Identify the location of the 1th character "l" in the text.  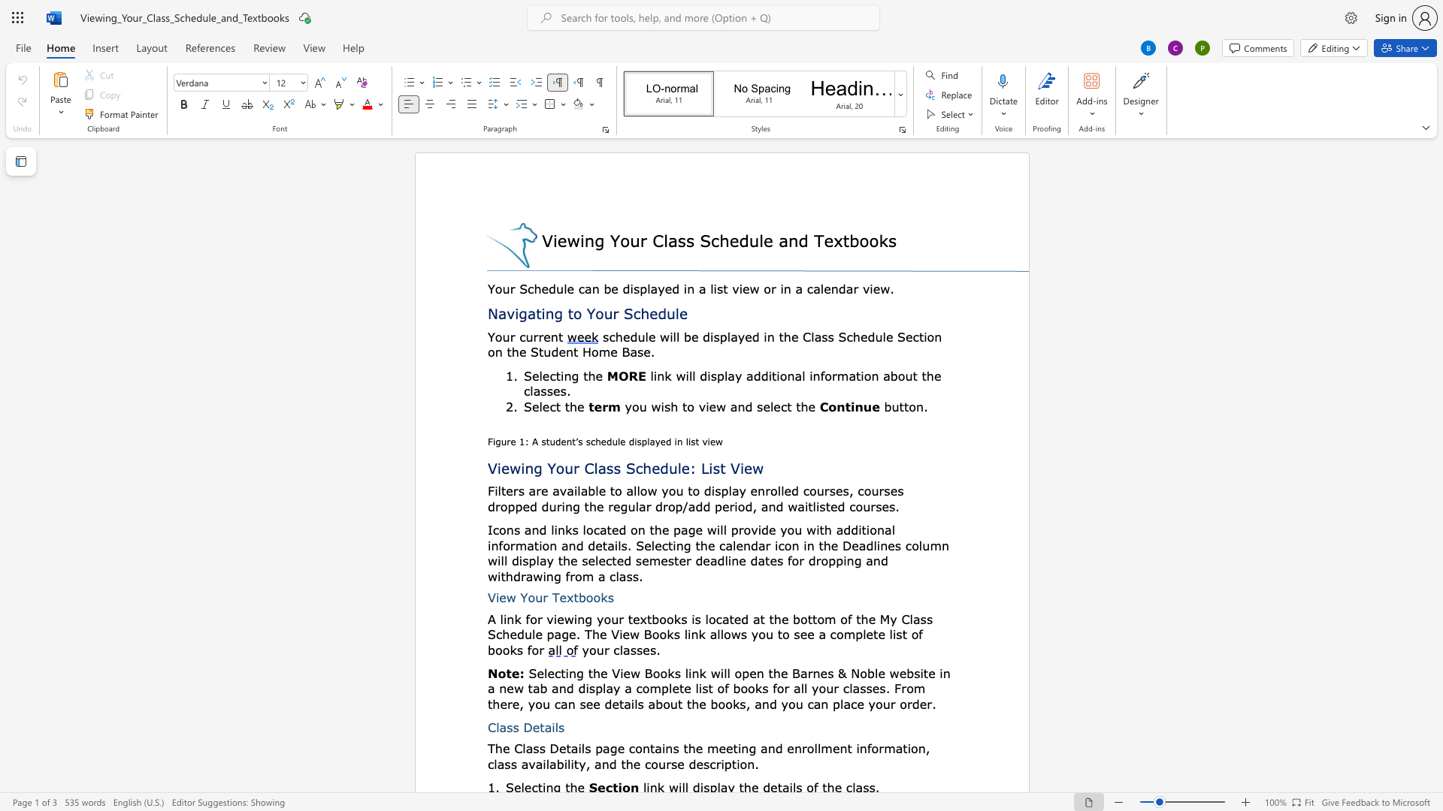
(540, 375).